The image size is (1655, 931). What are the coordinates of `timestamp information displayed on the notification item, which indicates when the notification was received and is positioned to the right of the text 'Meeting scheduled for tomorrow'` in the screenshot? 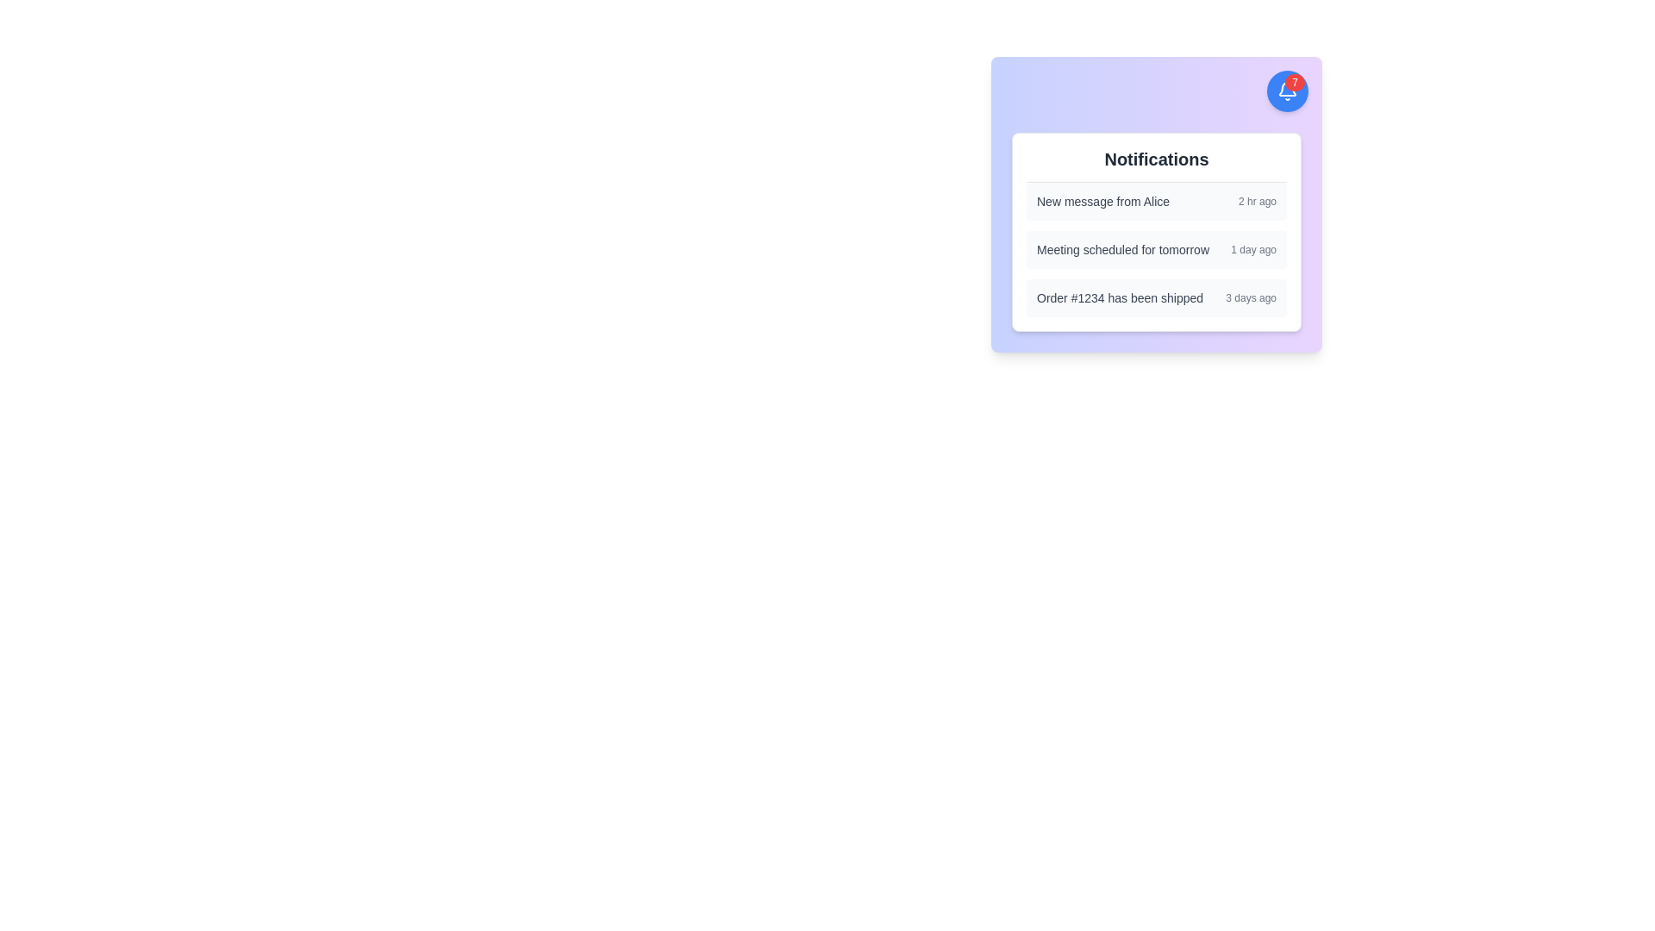 It's located at (1253, 249).